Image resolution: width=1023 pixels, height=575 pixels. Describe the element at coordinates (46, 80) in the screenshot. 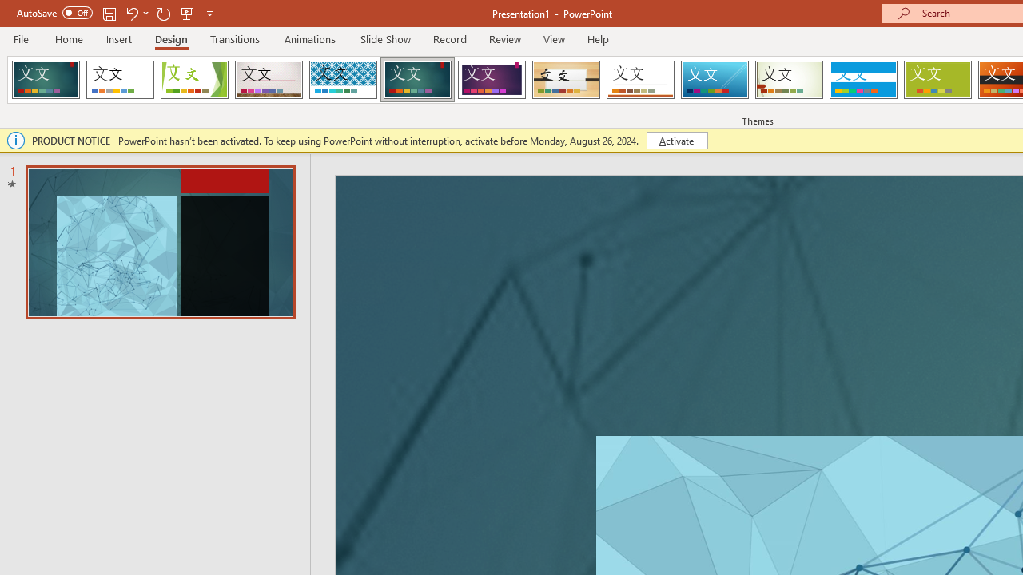

I see `'FadeVTI'` at that location.